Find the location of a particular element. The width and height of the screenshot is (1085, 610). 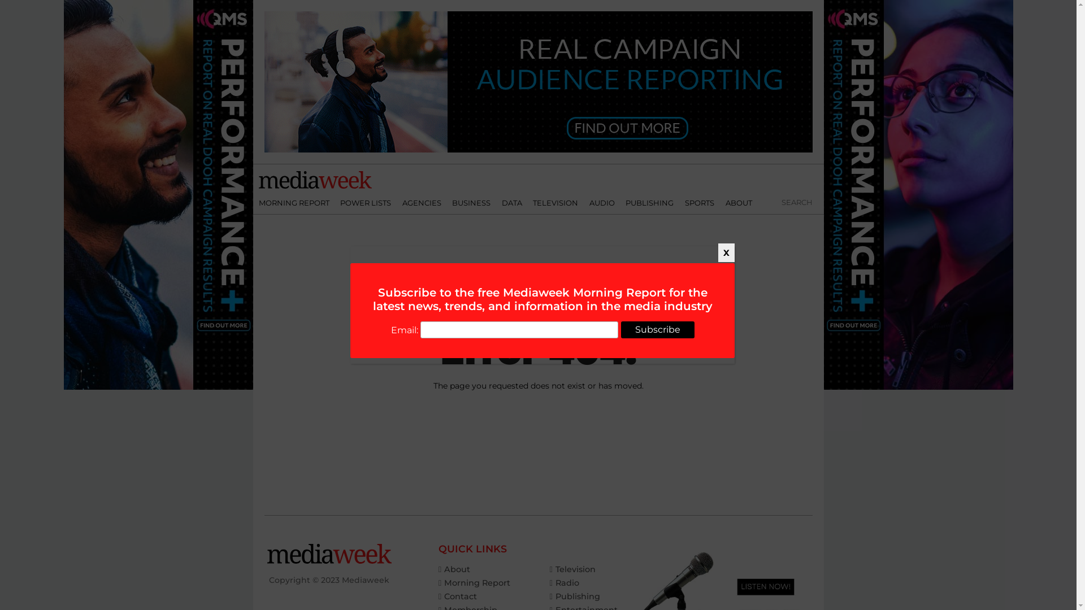

'About' is located at coordinates (454, 569).